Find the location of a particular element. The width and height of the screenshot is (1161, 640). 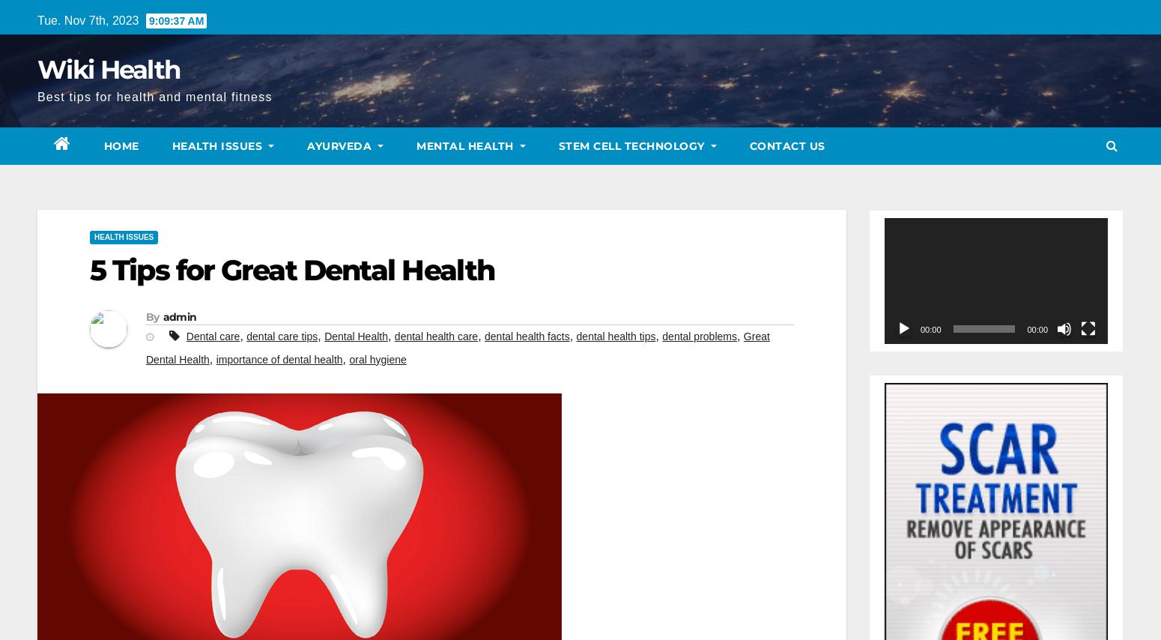

'dental health facts' is located at coordinates (527, 335).